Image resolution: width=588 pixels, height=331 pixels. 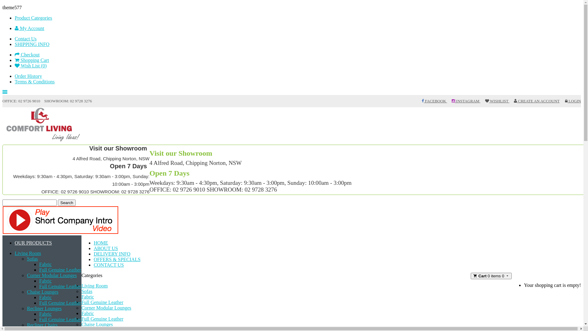 What do you see at coordinates (86, 291) in the screenshot?
I see `'Sofas'` at bounding box center [86, 291].